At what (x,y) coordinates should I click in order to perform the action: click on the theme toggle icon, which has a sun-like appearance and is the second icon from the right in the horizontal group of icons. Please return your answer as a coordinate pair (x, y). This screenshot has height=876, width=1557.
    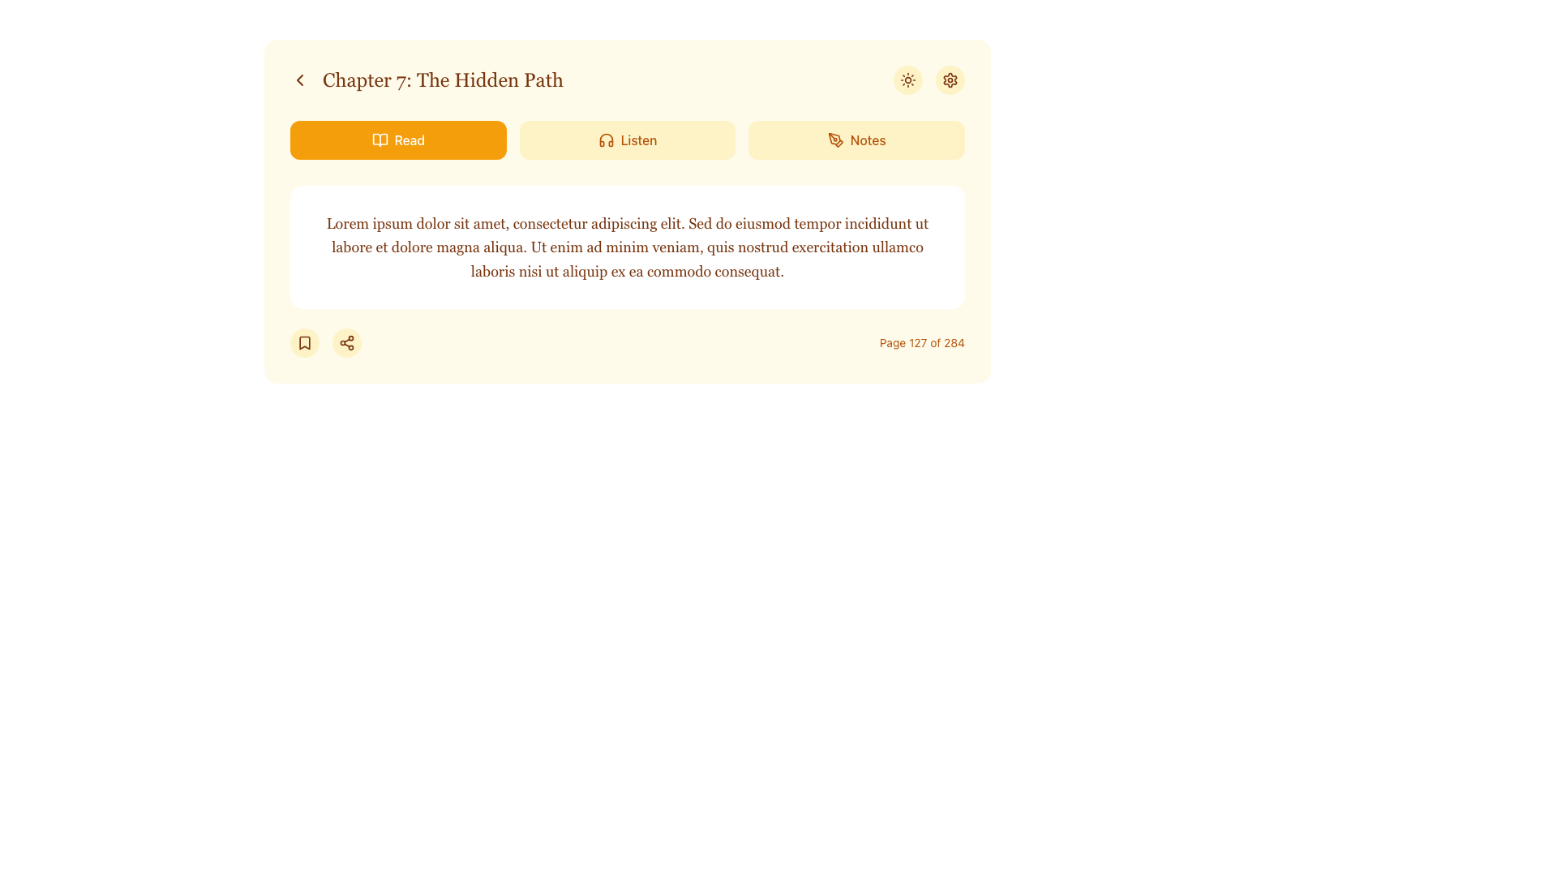
    Looking at the image, I should click on (907, 80).